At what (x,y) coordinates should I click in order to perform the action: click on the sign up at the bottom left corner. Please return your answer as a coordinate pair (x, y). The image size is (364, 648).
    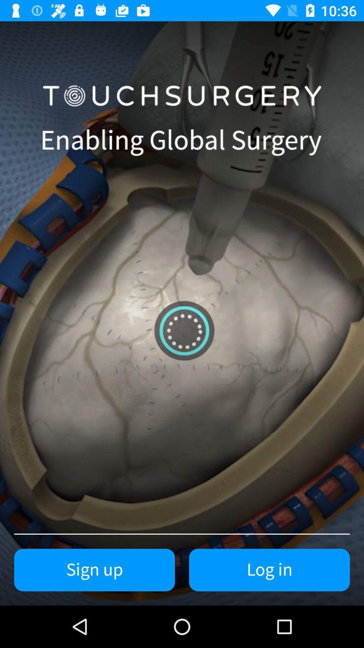
    Looking at the image, I should click on (94, 570).